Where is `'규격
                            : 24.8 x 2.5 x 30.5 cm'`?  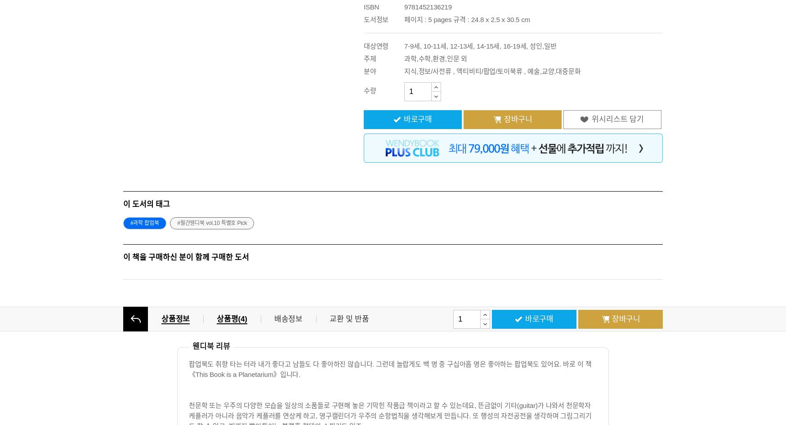 '규격
                            : 24.8 x 2.5 x 30.5 cm' is located at coordinates (491, 19).